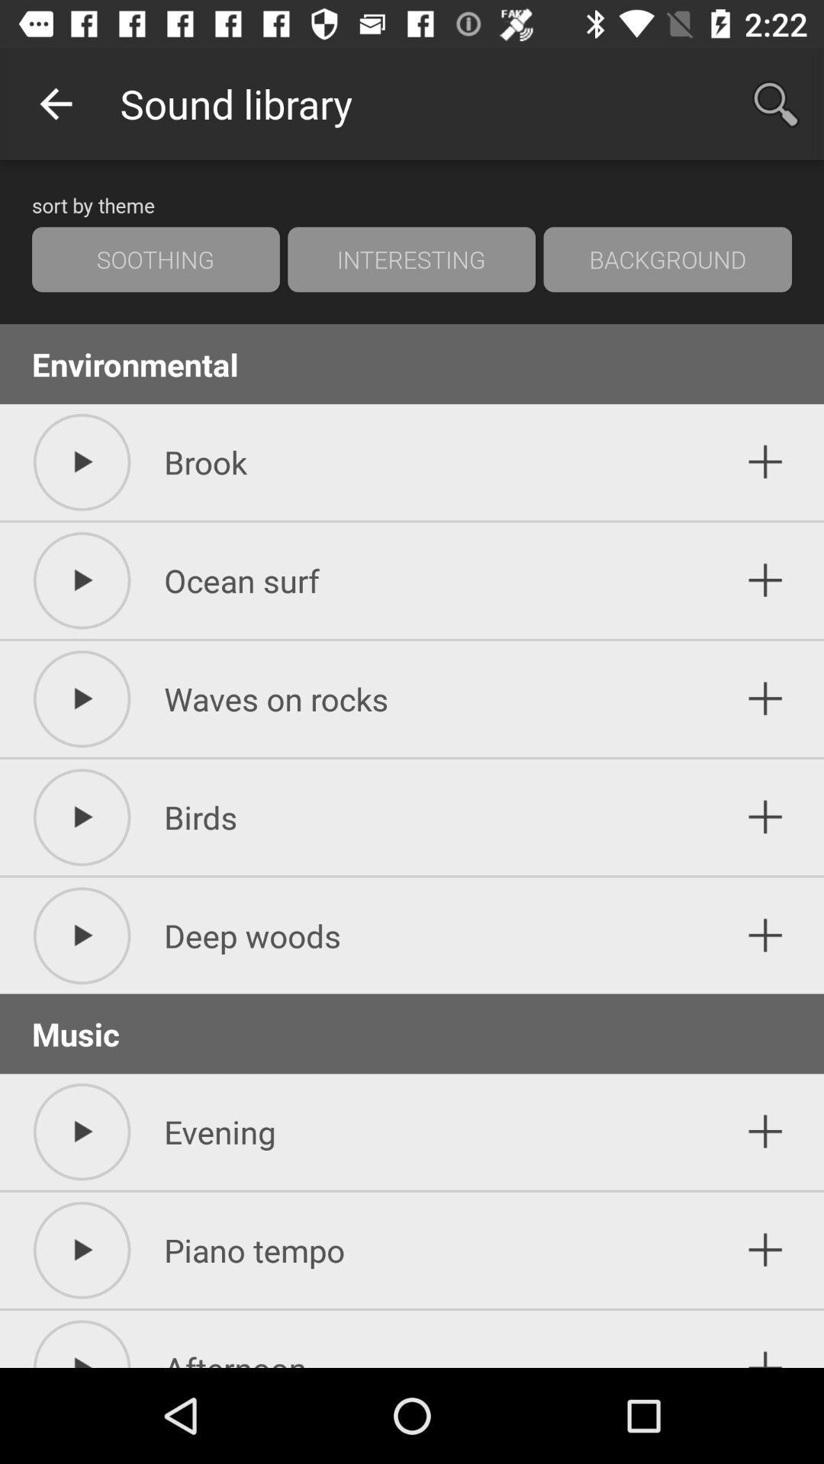  I want to click on the soothing item, so click(156, 259).